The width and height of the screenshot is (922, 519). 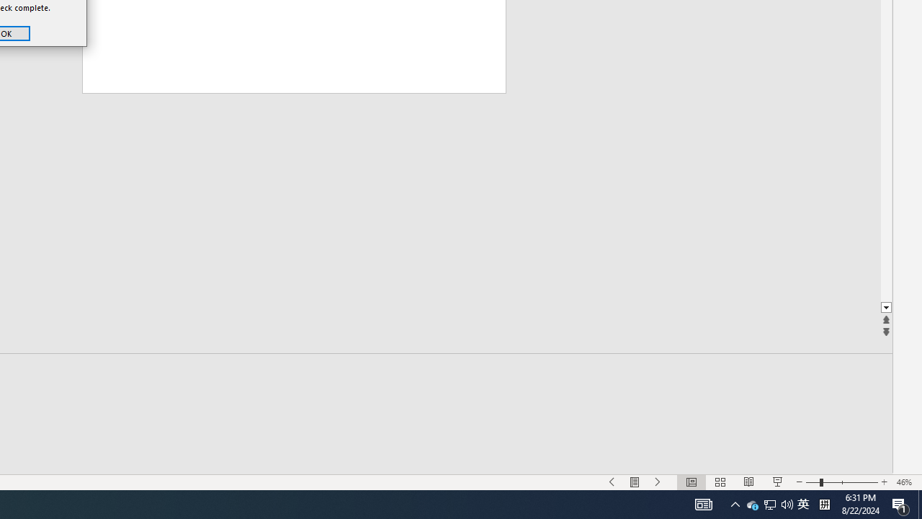 What do you see at coordinates (769, 503) in the screenshot?
I see `'Reading View'` at bounding box center [769, 503].